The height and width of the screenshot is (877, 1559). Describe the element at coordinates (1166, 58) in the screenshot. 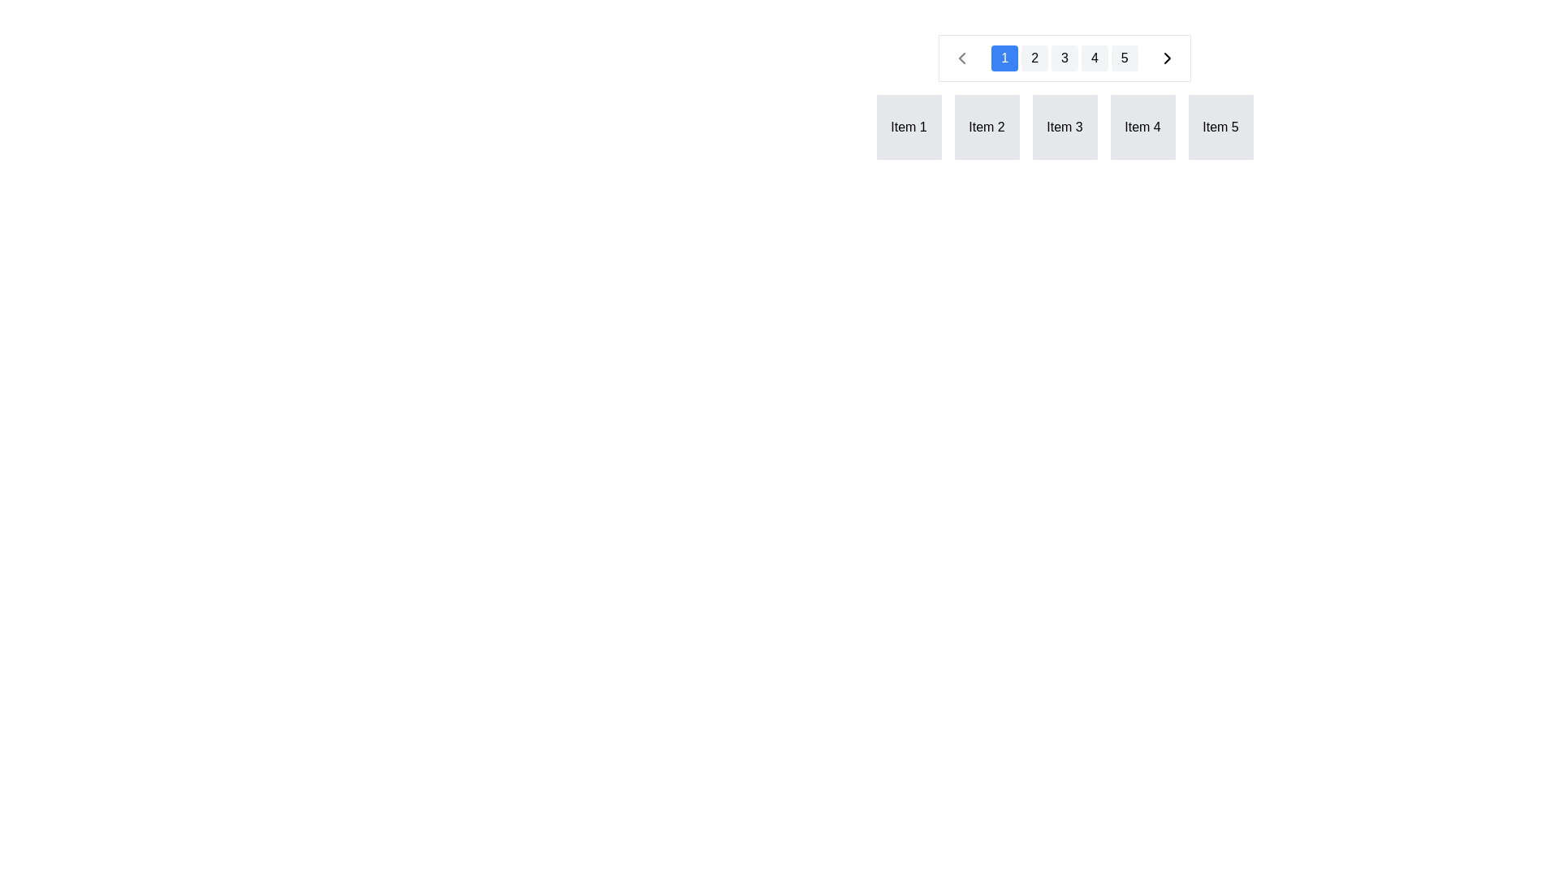

I see `the navigation chevron icon located to the right of the numeric buttons in the pagination control` at that location.